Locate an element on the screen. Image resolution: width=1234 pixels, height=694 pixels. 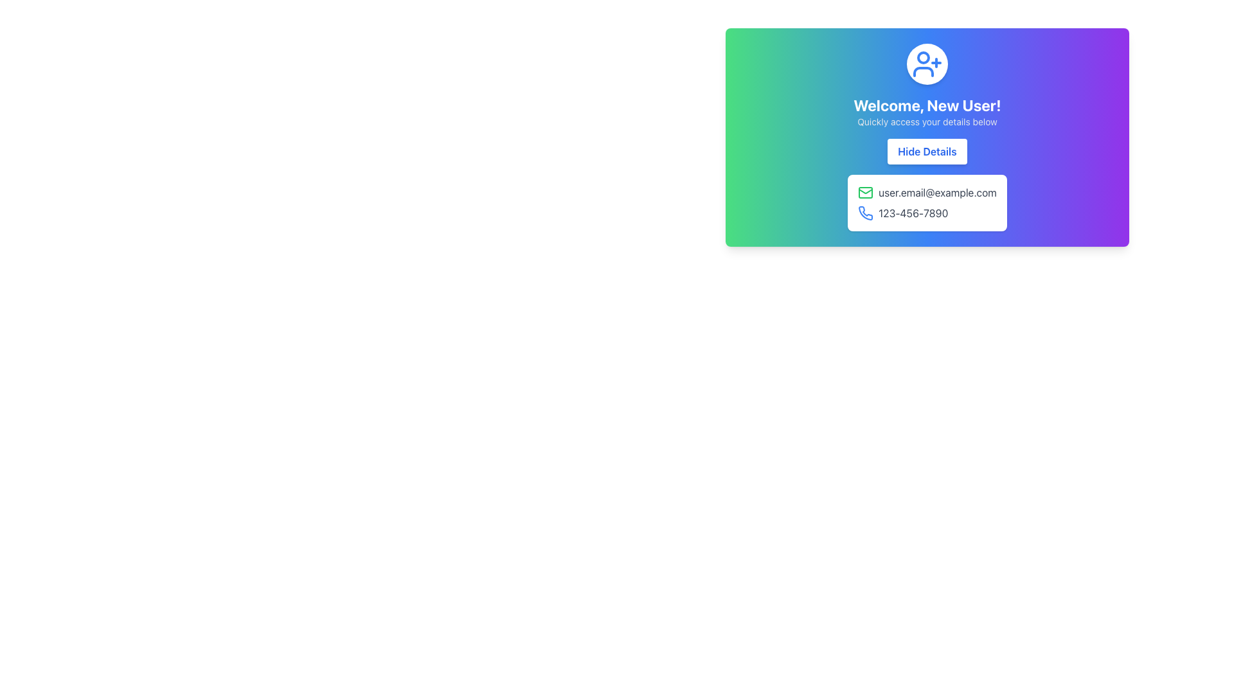
the email address 'user.email@example.com' displayed in the text display with an email icon is located at coordinates (927, 193).